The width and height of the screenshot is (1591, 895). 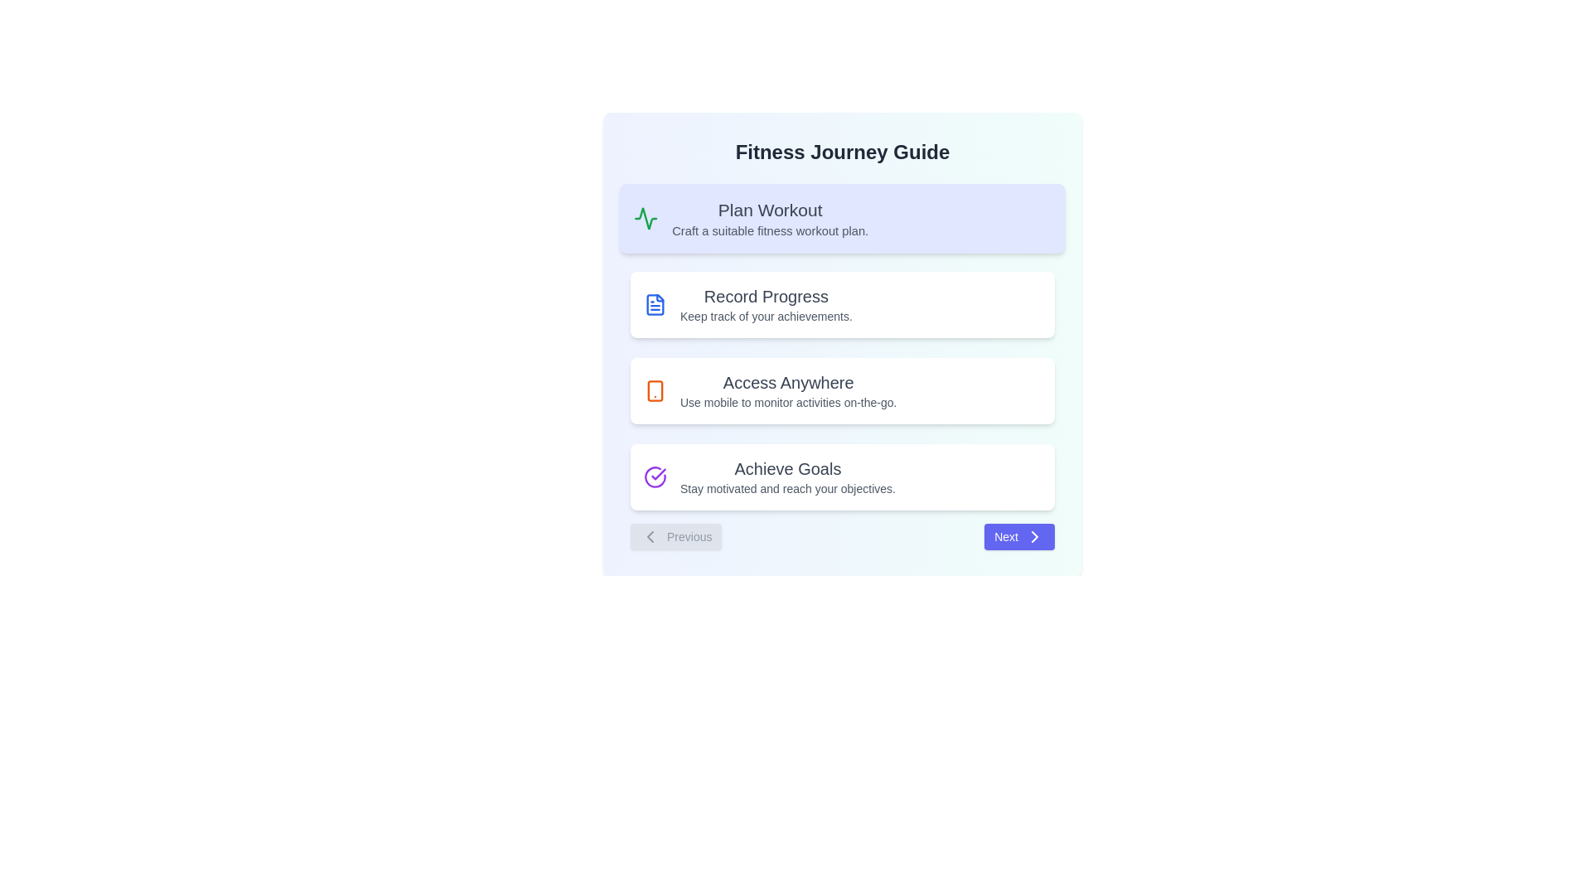 I want to click on the blue paper document icon located in the second row of icons within the panel, so click(x=655, y=304).